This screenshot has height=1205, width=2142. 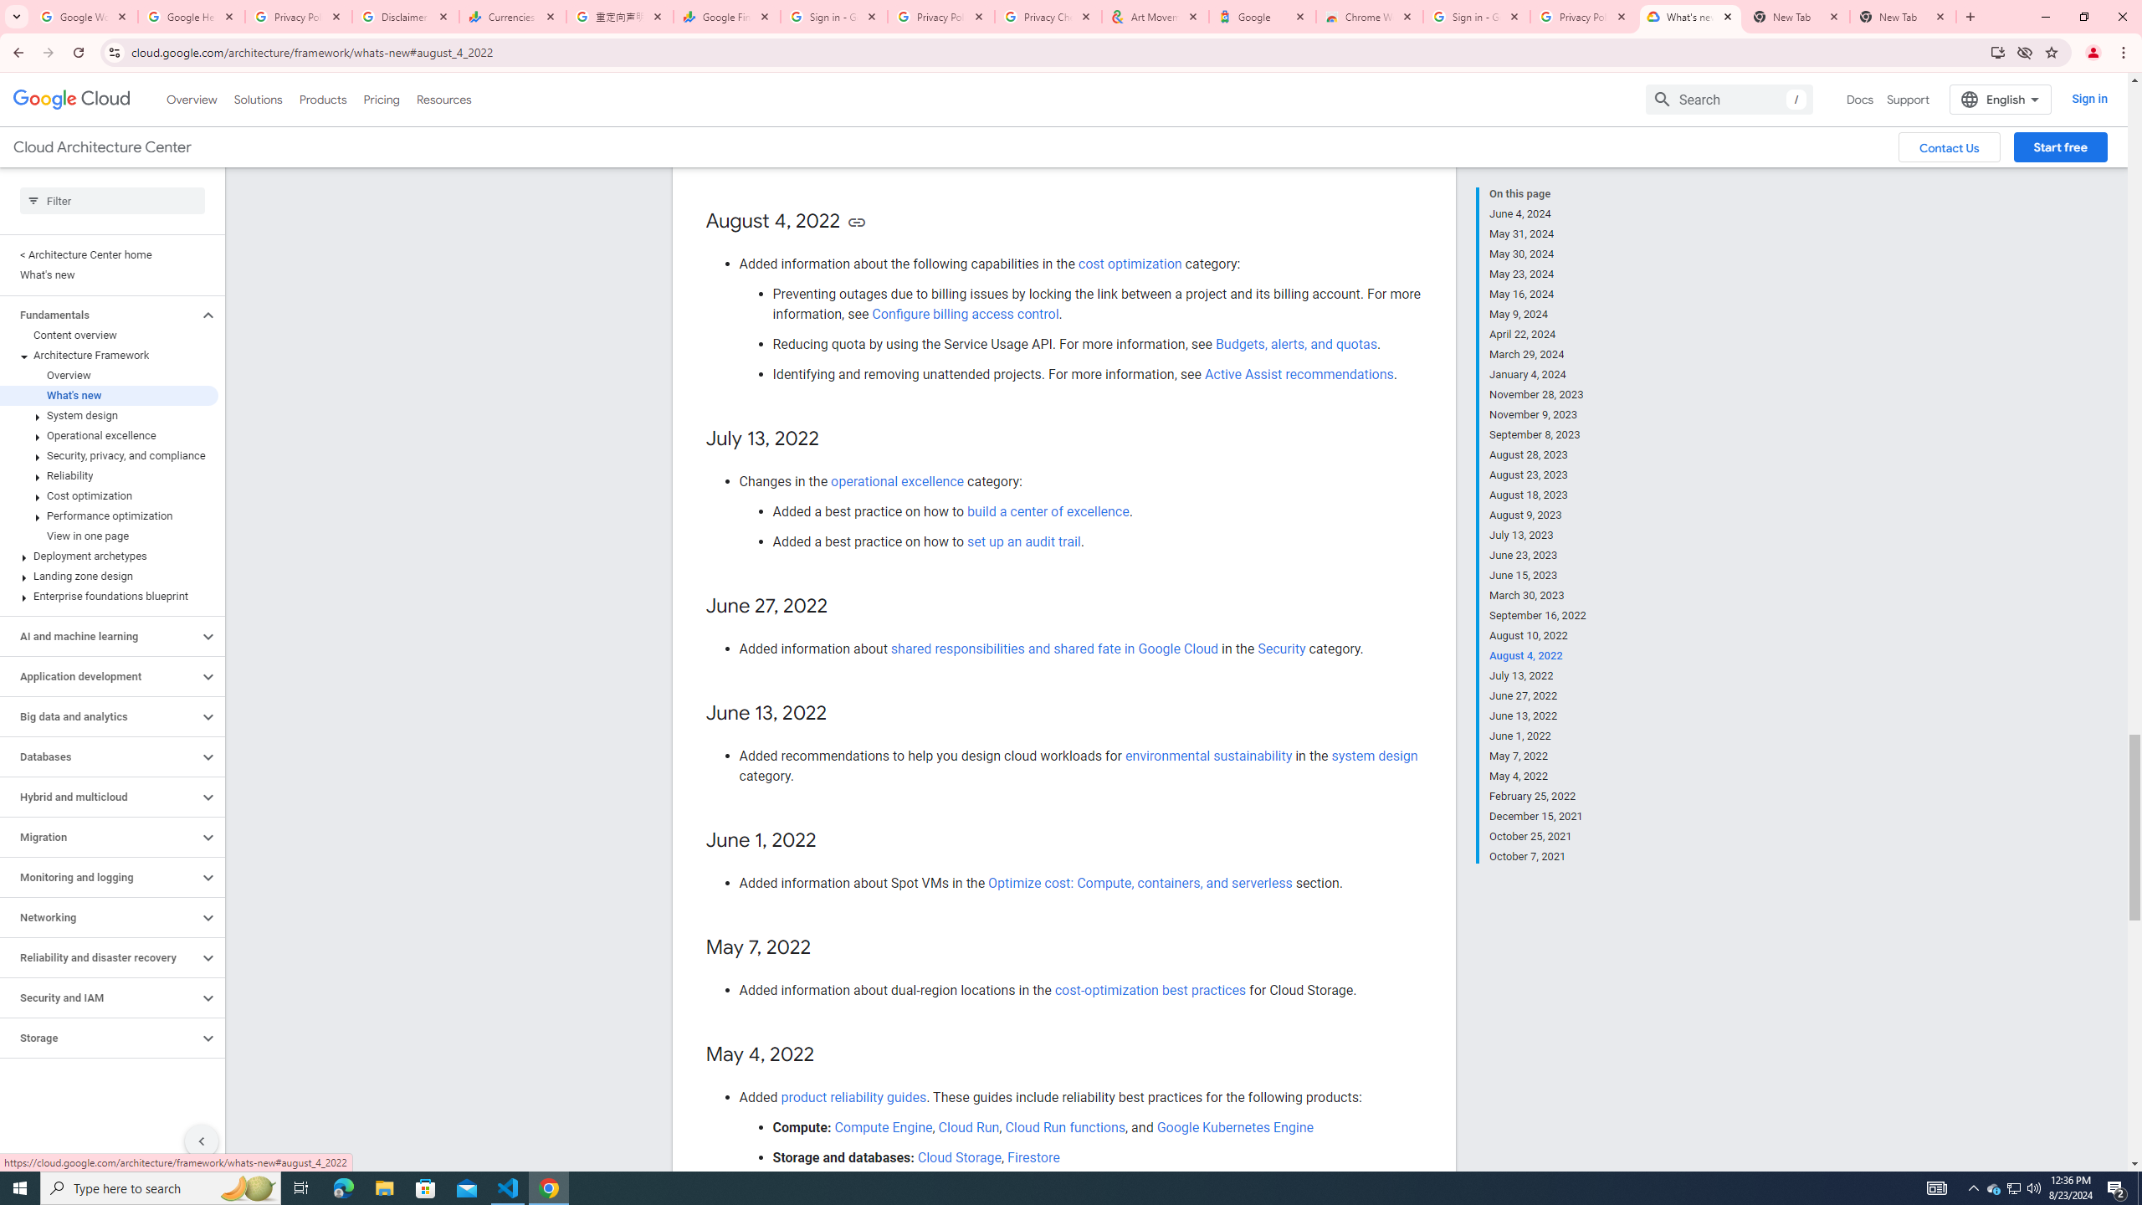 What do you see at coordinates (856, 221) in the screenshot?
I see `'Copy link to this section: August 4, 2022'` at bounding box center [856, 221].